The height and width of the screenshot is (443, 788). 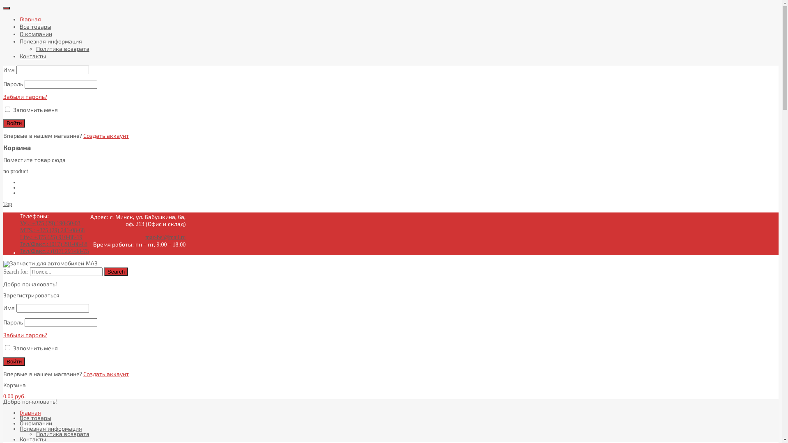 What do you see at coordinates (104, 272) in the screenshot?
I see `'Search'` at bounding box center [104, 272].